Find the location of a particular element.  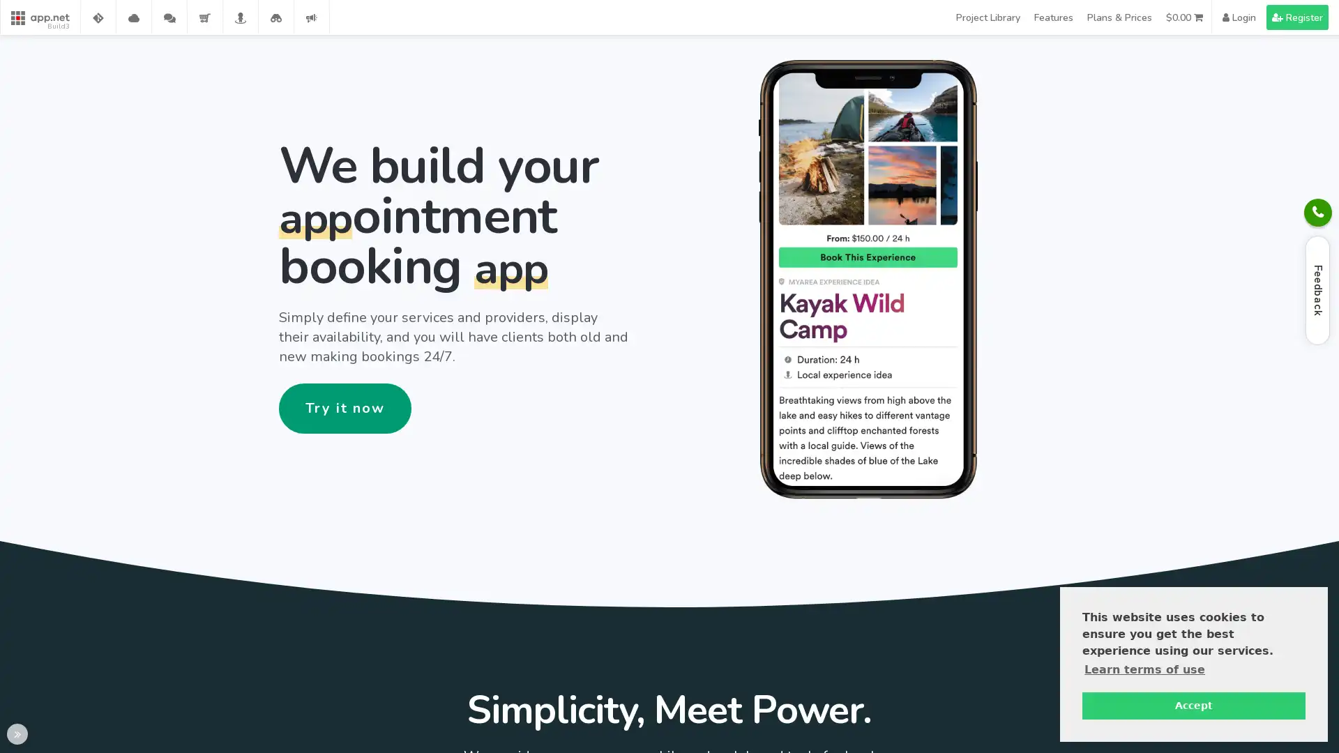

dismiss cookie message is located at coordinates (1193, 705).